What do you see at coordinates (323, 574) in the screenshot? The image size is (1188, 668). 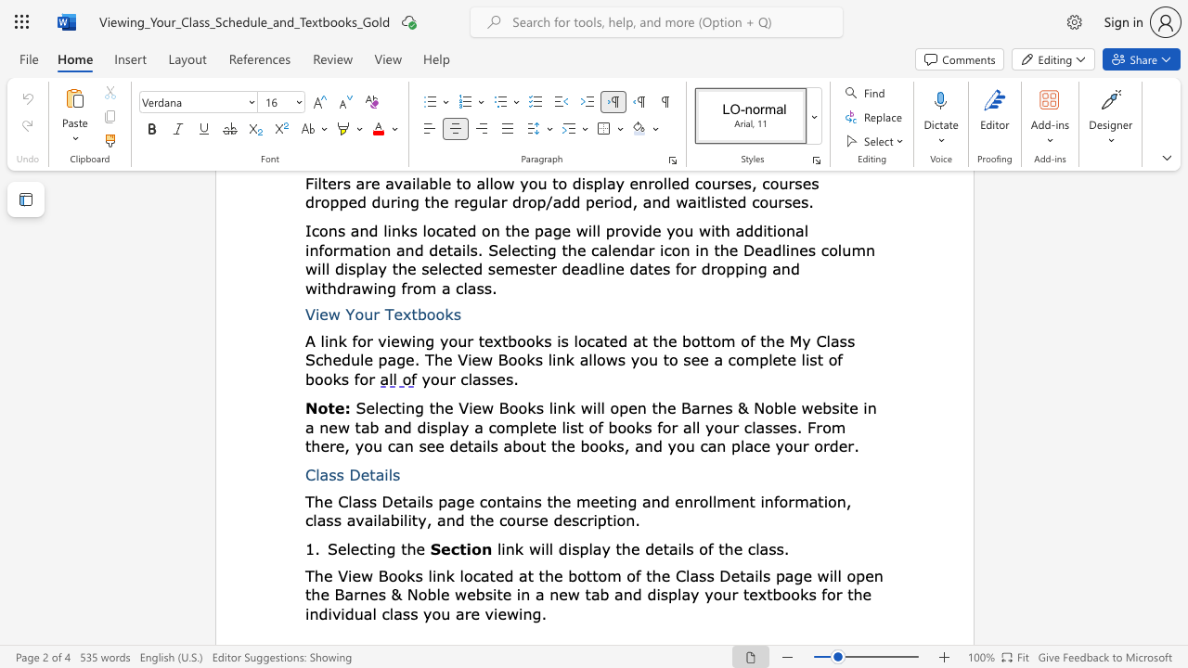 I see `the subset text "e View Books link" within the text "The View Books link"` at bounding box center [323, 574].